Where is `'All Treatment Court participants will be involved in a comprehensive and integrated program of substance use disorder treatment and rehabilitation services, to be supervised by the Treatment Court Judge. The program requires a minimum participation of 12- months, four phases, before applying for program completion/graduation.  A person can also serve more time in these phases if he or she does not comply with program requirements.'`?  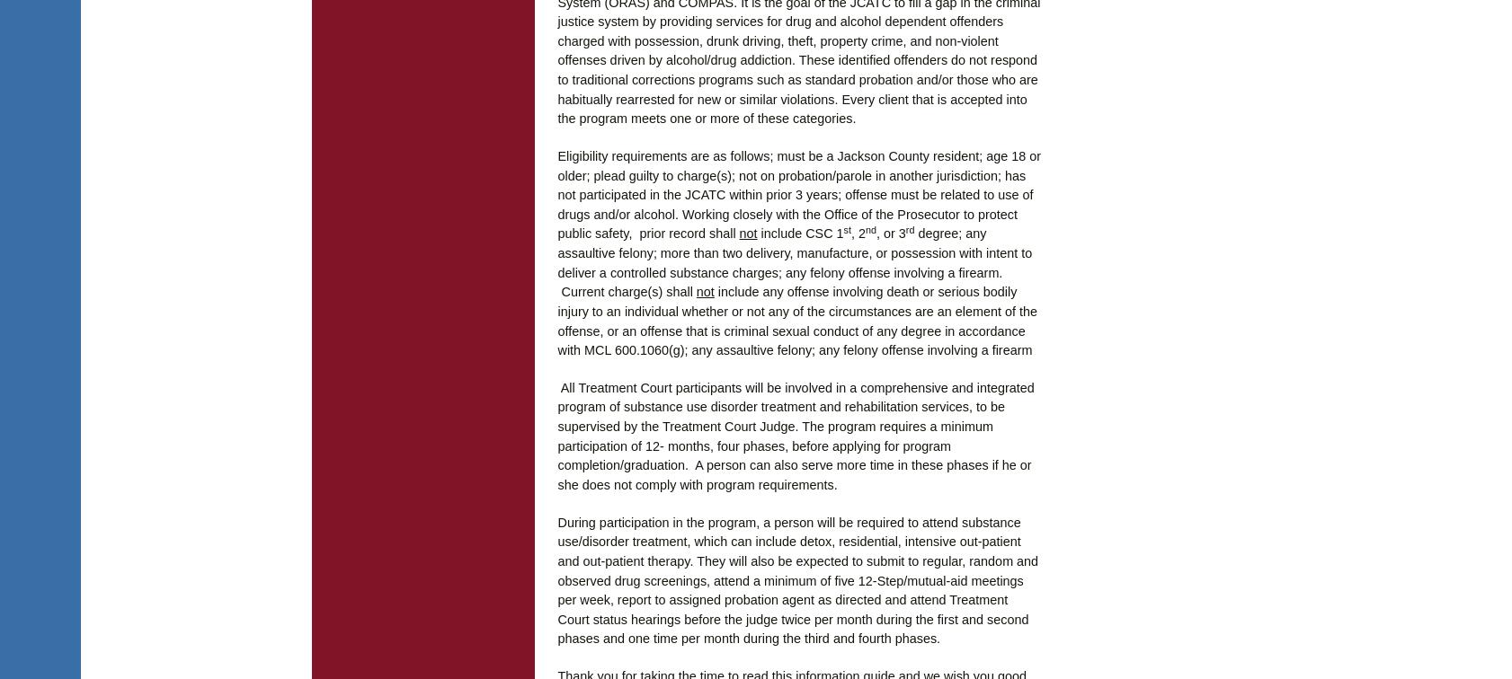 'All Treatment Court participants will be involved in a comprehensive and integrated program of substance use disorder treatment and rehabilitation services, to be supervised by the Treatment Court Judge. The program requires a minimum participation of 12- months, four phases, before applying for program completion/graduation.  A person can also serve more time in these phases if he or she does not comply with program requirements.' is located at coordinates (795, 435).